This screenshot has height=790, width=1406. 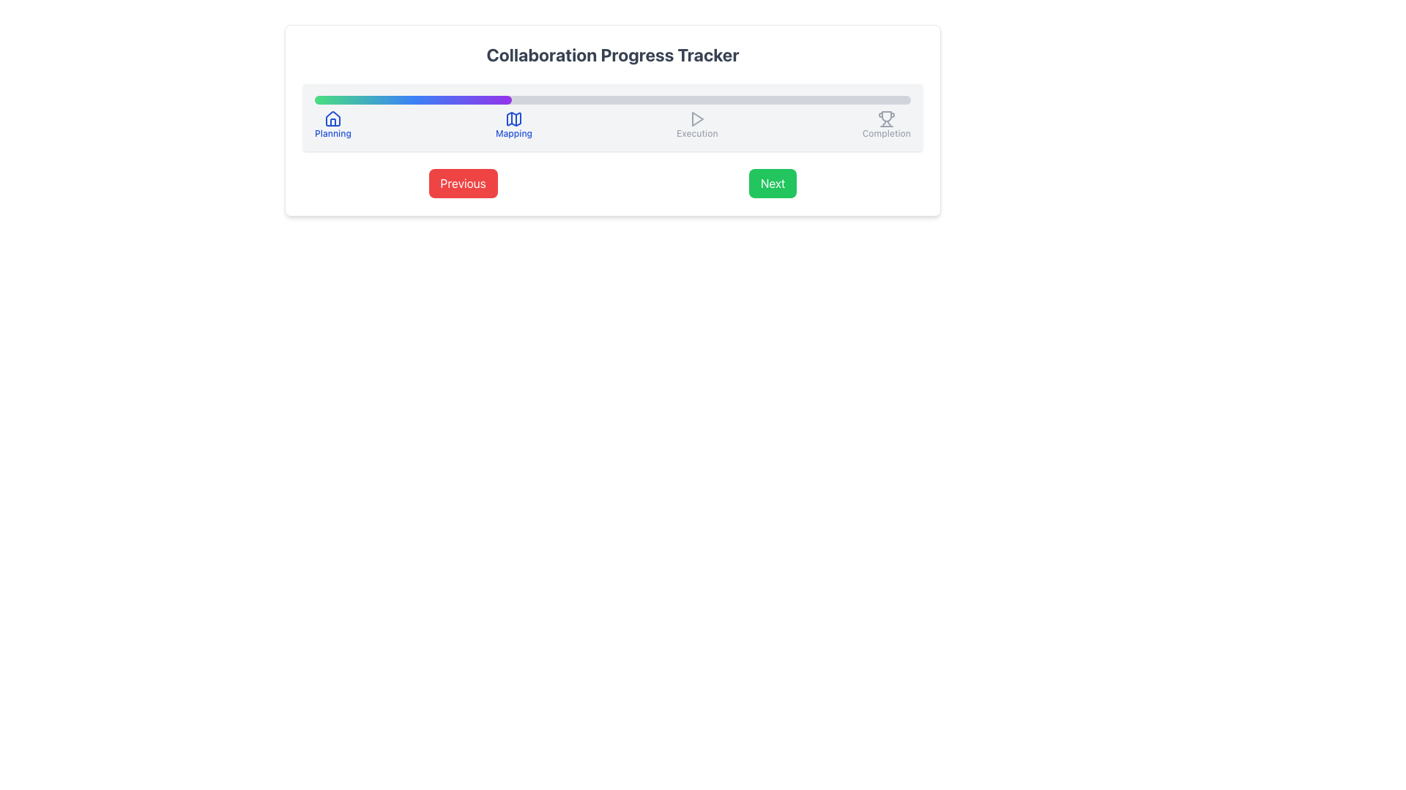 What do you see at coordinates (513, 133) in the screenshot?
I see `the text label reading 'Mapping', which is styled in blue and positioned centrally below the map icon in the progress tracker` at bounding box center [513, 133].